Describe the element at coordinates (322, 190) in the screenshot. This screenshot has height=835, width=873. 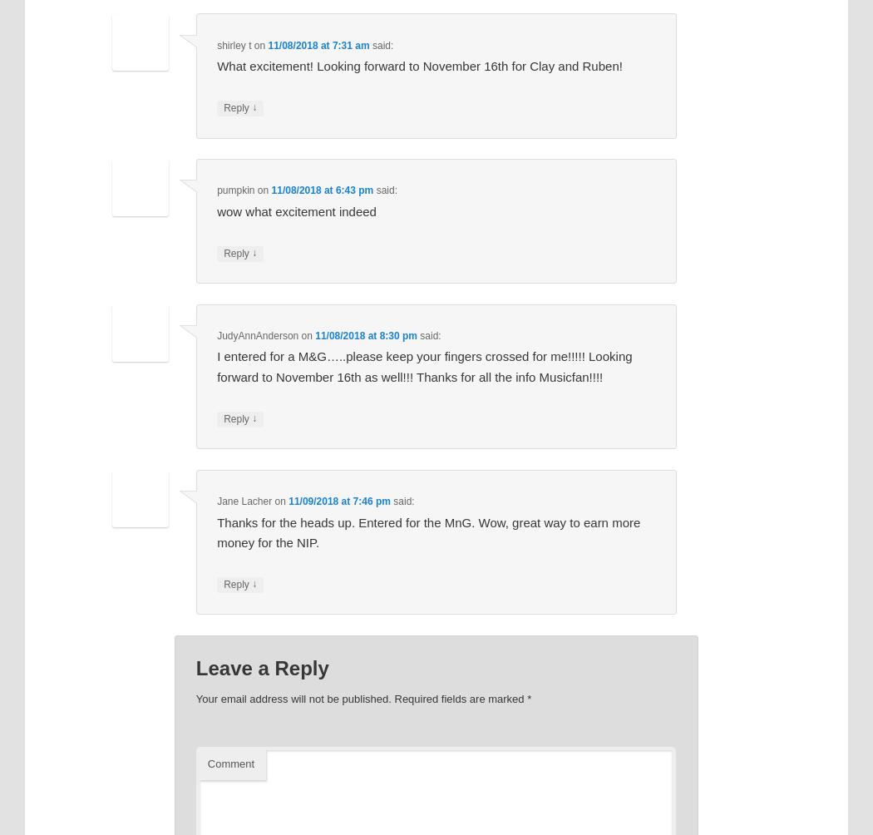
I see `'11/08/2018 at 6:43 pm'` at that location.